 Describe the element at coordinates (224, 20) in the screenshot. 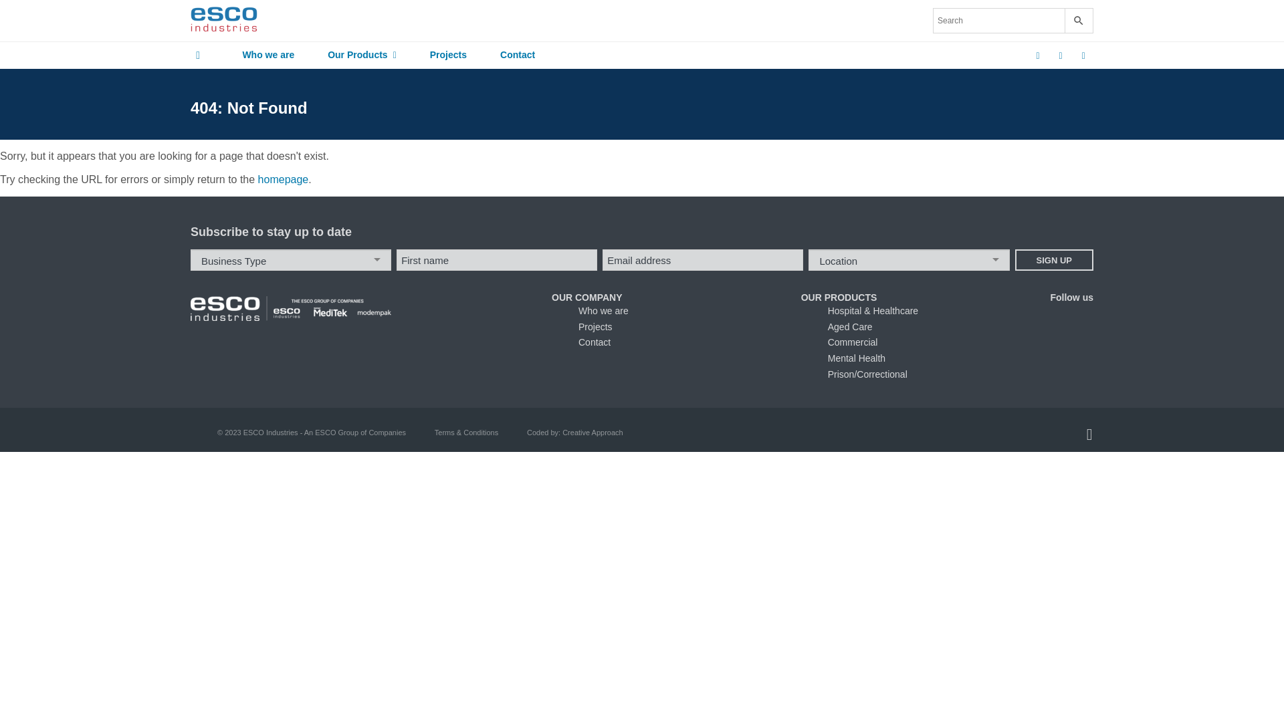

I see `'ESCO Industries'` at that location.